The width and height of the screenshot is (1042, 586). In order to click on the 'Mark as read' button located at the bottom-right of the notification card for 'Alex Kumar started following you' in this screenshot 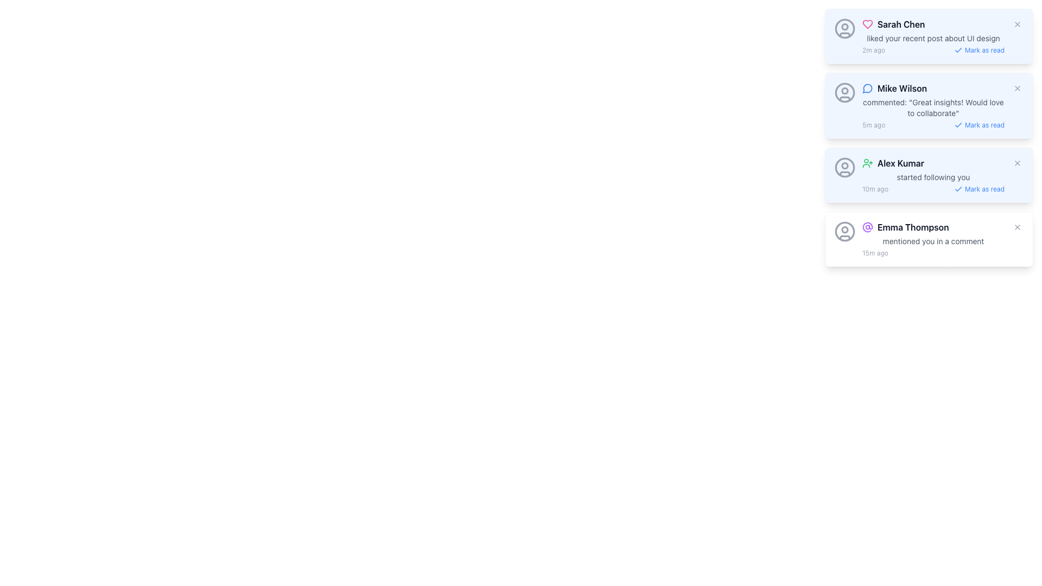, I will do `click(932, 188)`.